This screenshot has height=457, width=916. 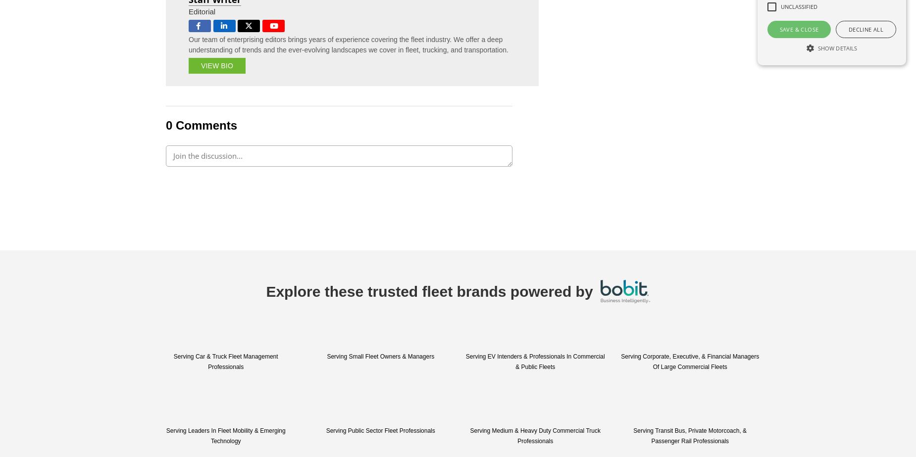 I want to click on 'Explore these trusted fleet brands powered by', so click(x=429, y=291).